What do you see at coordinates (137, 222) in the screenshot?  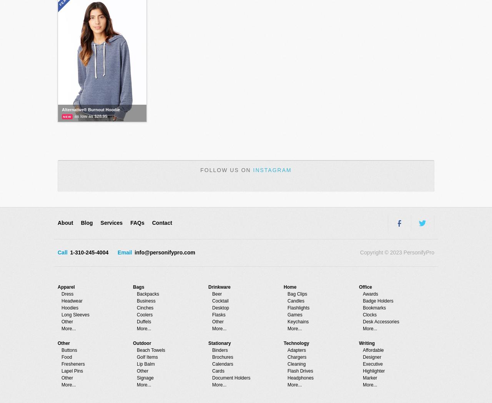 I see `'FAQs'` at bounding box center [137, 222].